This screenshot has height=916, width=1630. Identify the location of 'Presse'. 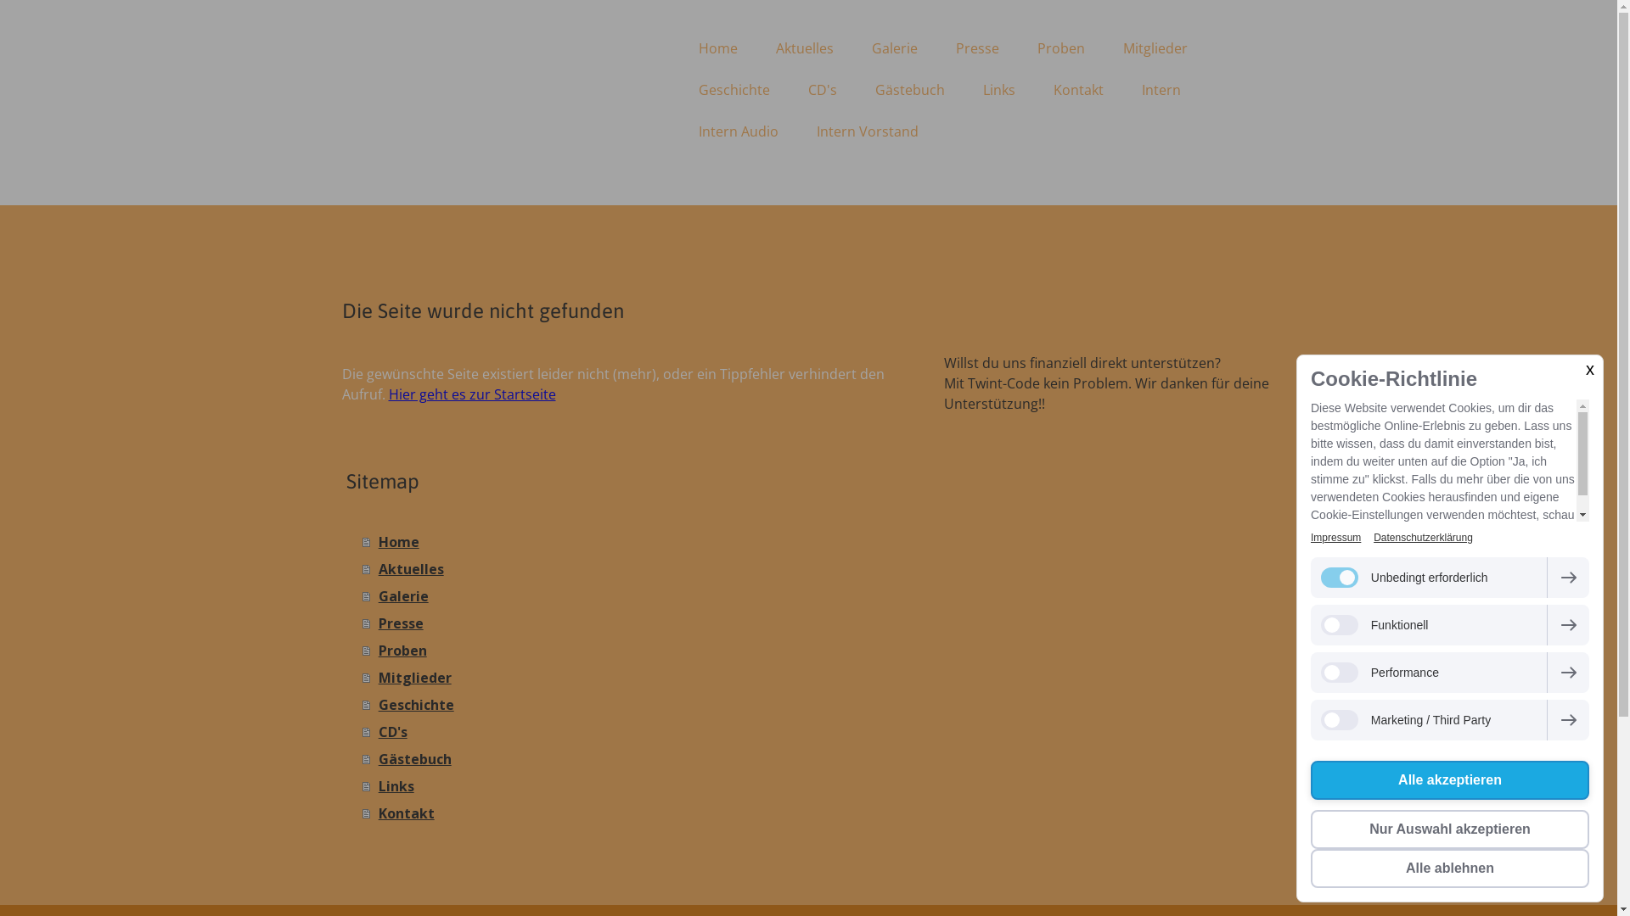
(977, 47).